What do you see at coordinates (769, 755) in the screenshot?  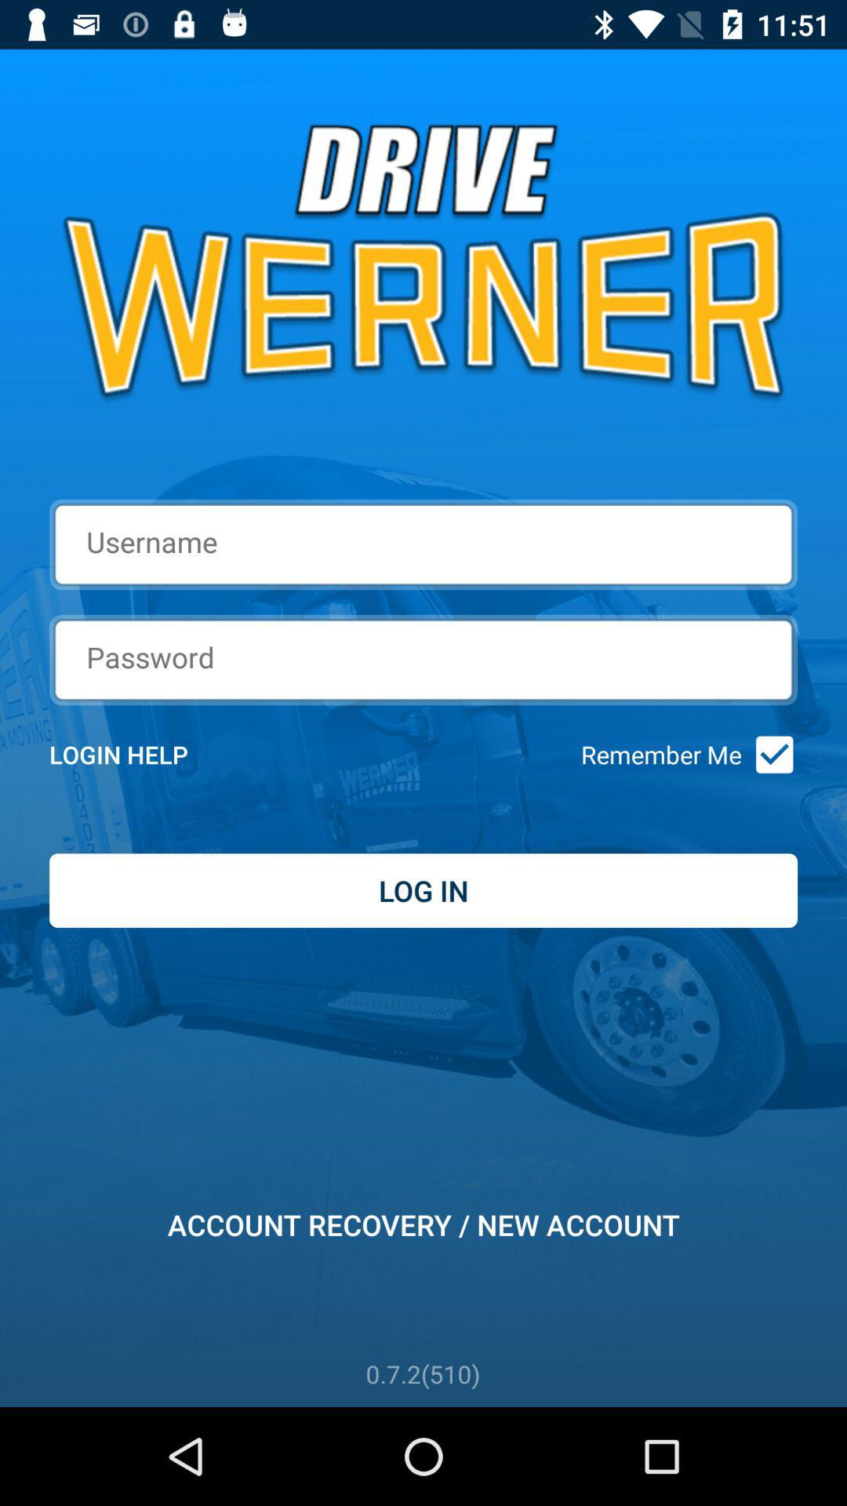 I see `the icon next to the remember me item` at bounding box center [769, 755].